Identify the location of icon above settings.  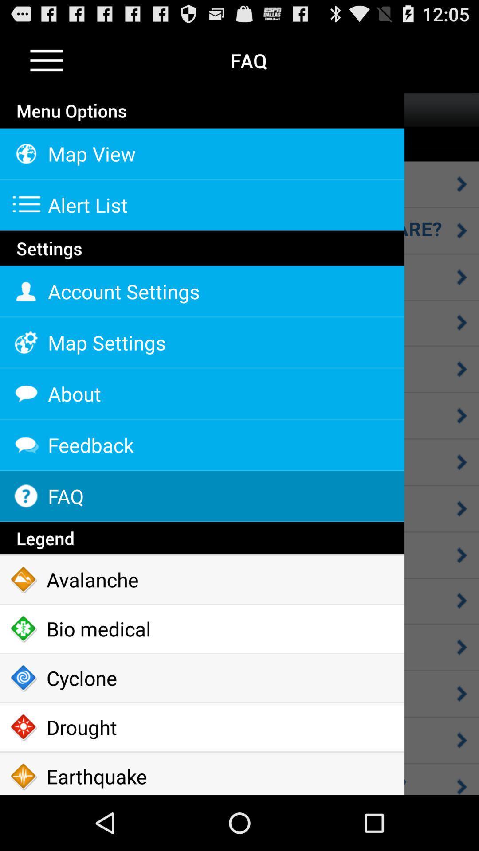
(202, 231).